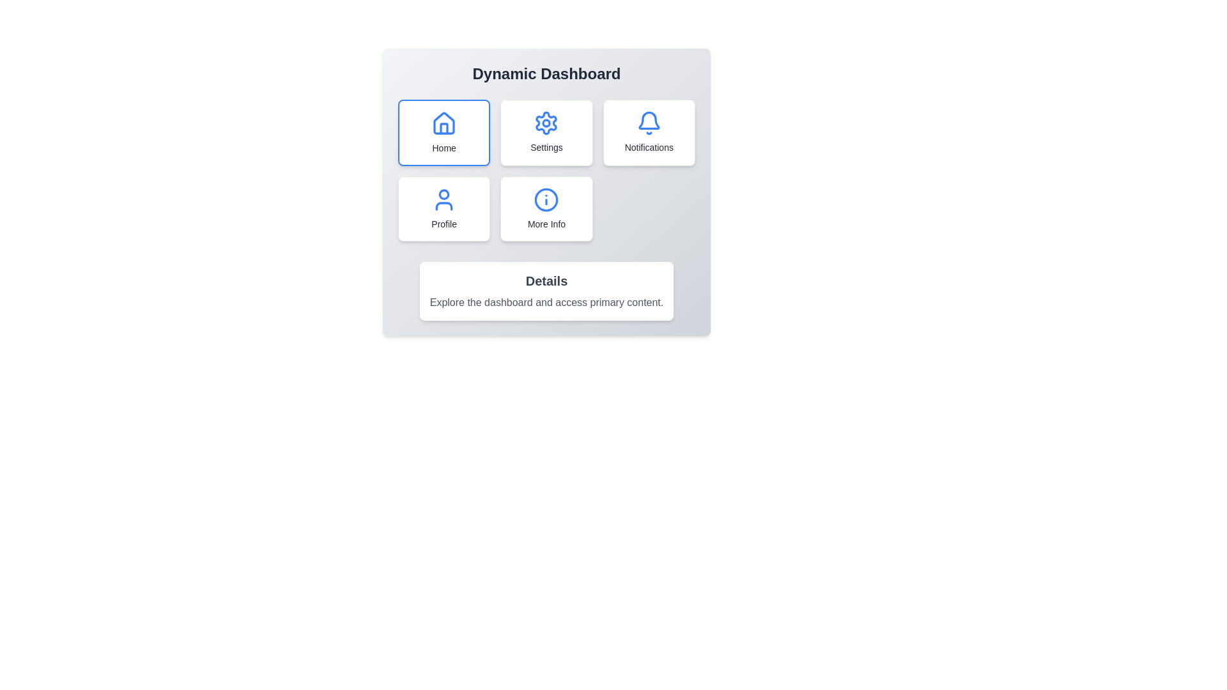  What do you see at coordinates (546, 280) in the screenshot?
I see `the heading text label that introduces the section's purpose, located above the description text 'Explore the dashboard and access primary content.'` at bounding box center [546, 280].